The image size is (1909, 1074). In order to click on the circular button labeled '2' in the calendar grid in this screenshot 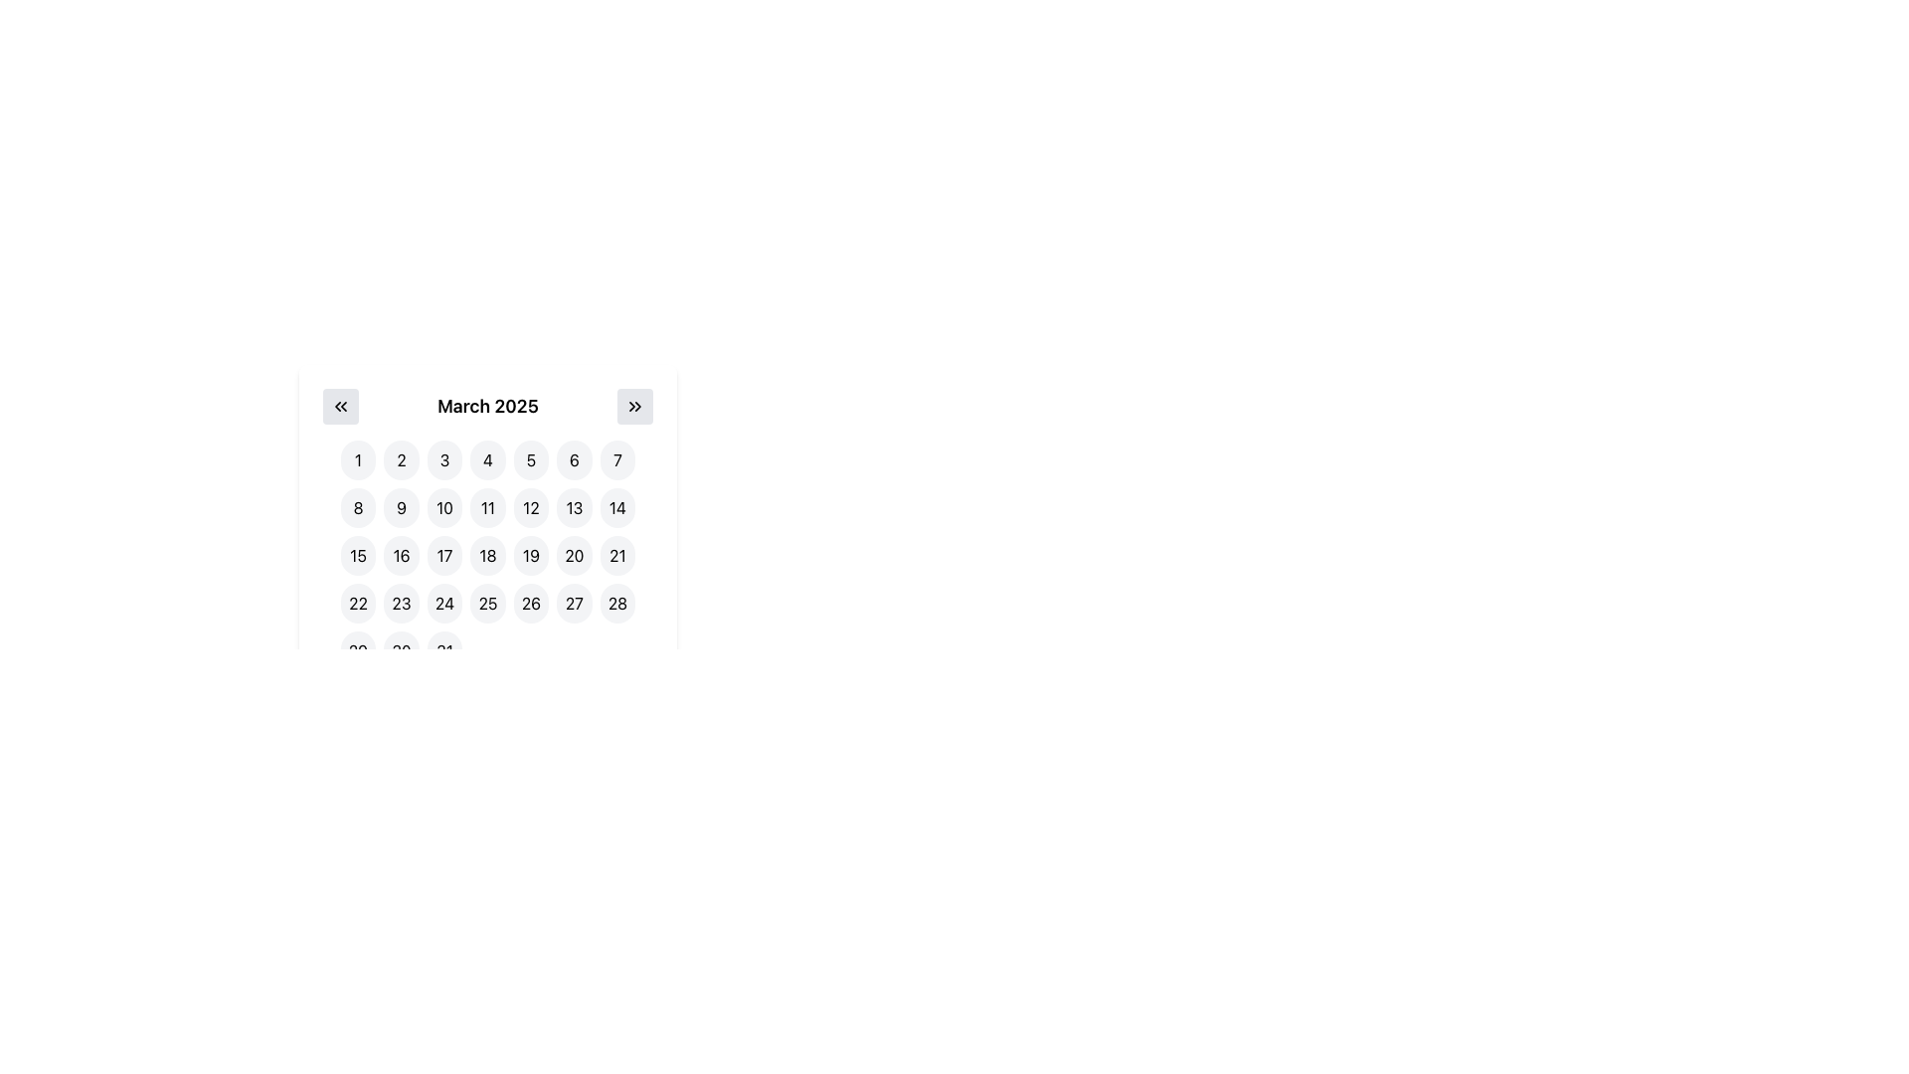, I will do `click(400, 459)`.